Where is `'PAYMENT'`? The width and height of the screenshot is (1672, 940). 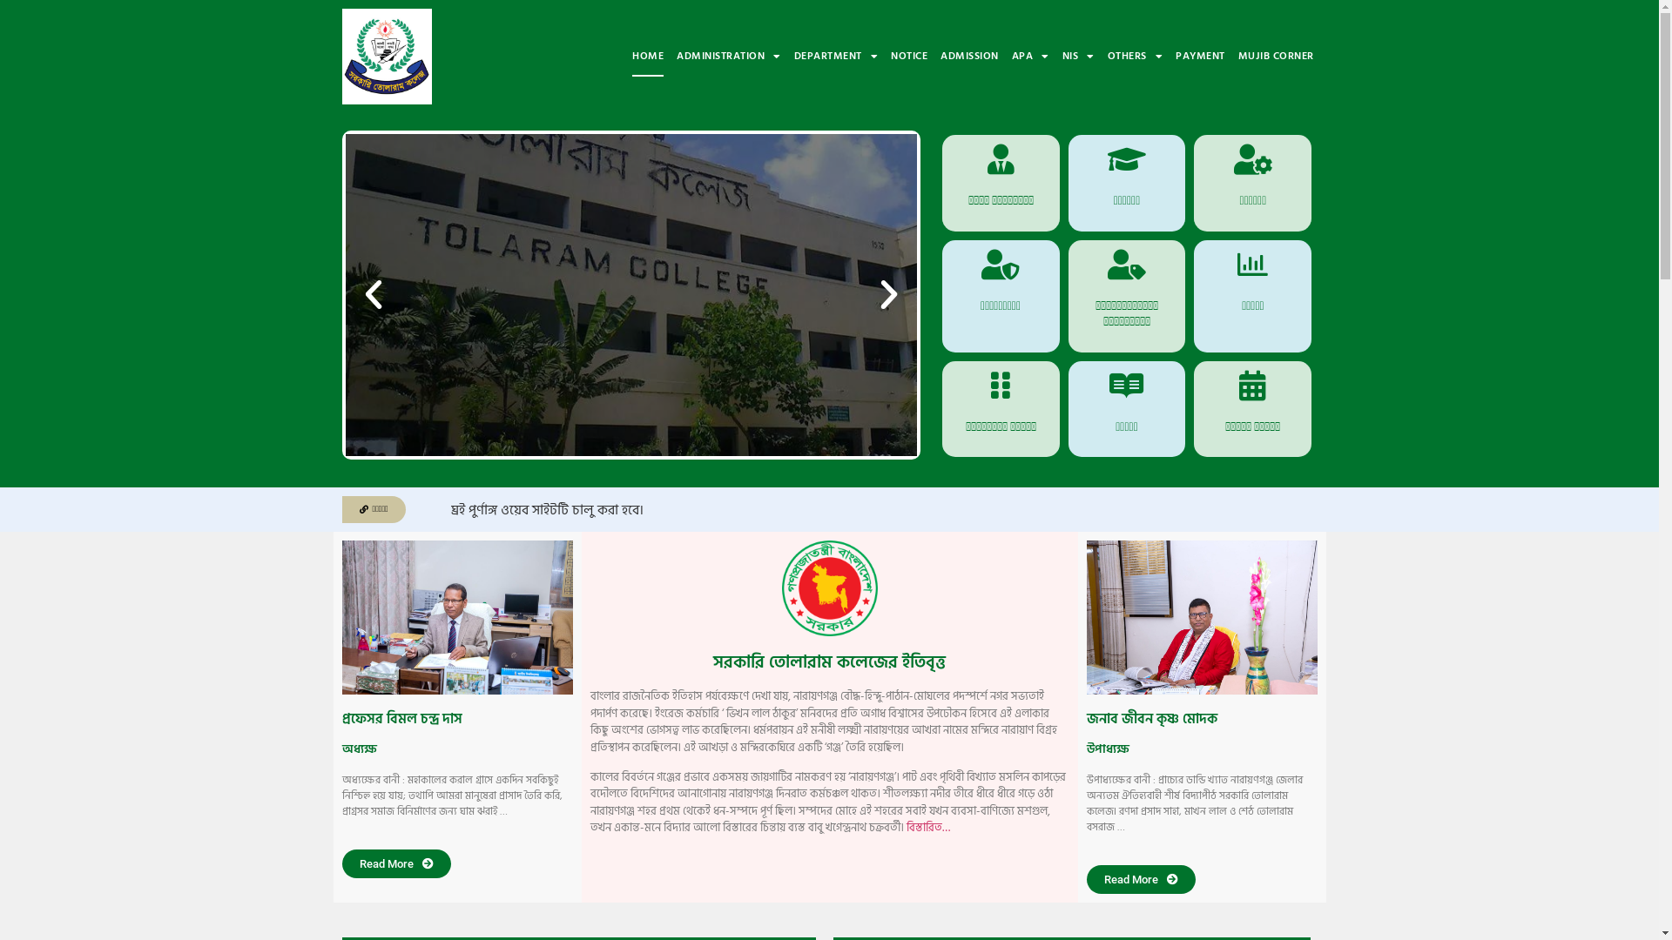
'PAYMENT' is located at coordinates (1175, 56).